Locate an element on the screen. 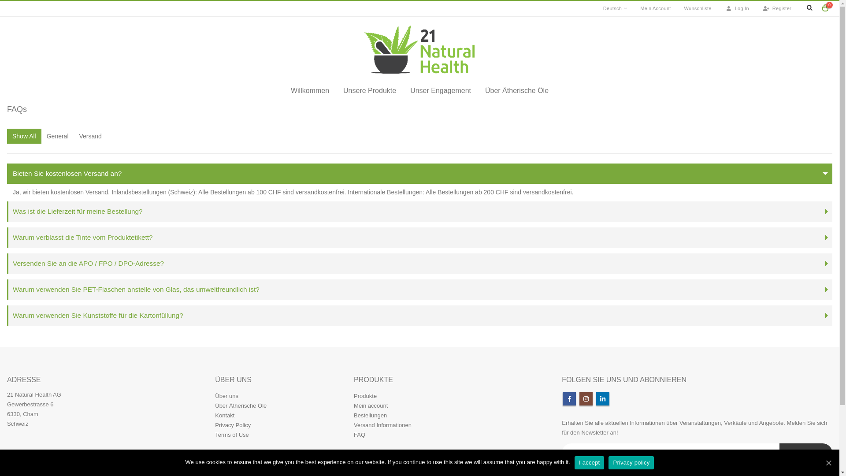 This screenshot has width=846, height=476. 'Versand Informationen' is located at coordinates (382, 424).